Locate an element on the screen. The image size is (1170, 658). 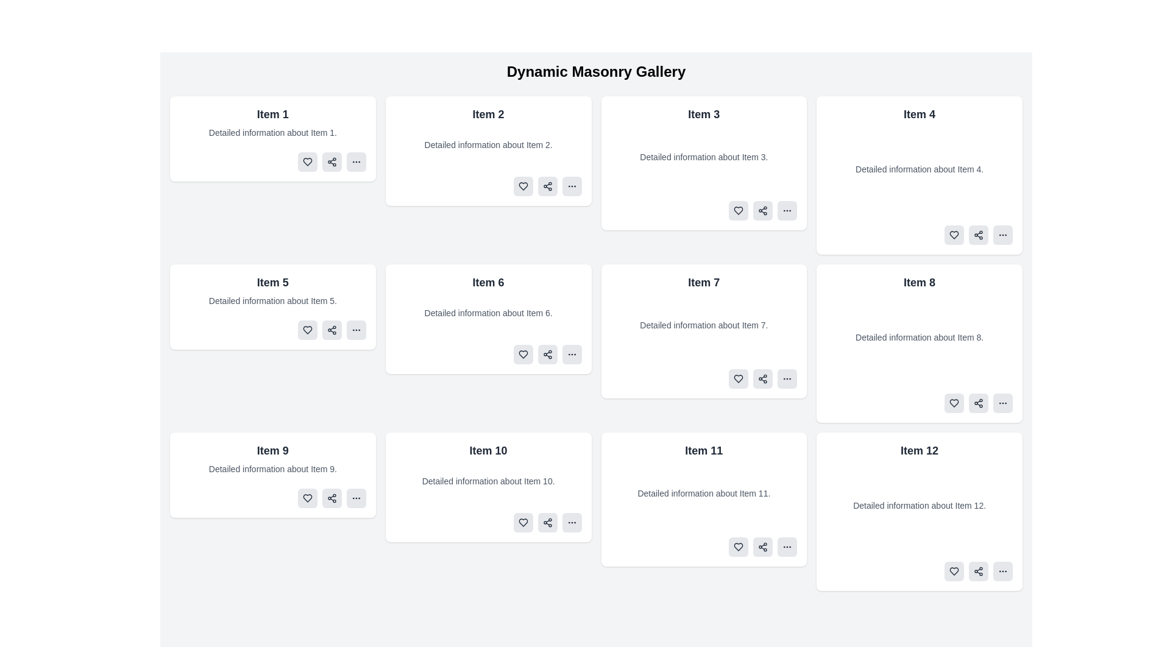
the 'like' icon button located at the bottom-right corner of the card labeled 'Item 8' to like or unlike the associated item is located at coordinates (953, 403).